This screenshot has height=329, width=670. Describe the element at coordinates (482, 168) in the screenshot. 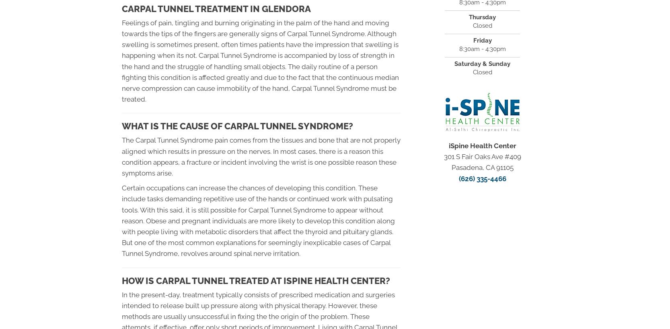

I see `'Pasadena, CA 91105'` at that location.